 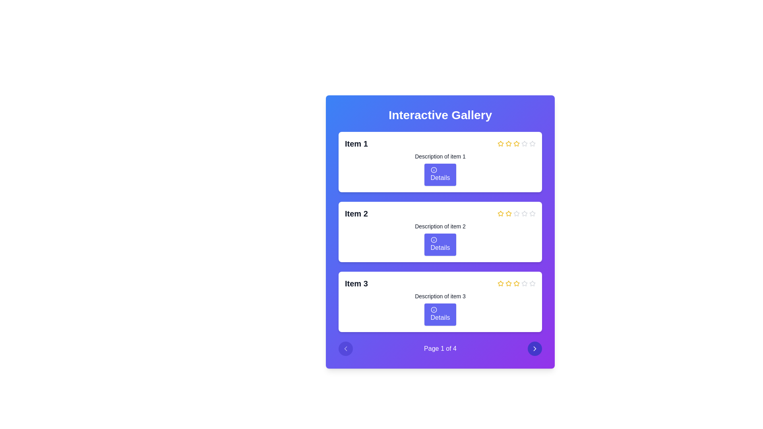 I want to click on the circular button located in the bottom-right corner of the interface that contains a white chevron-shaped icon pointing to the right, so click(x=534, y=348).